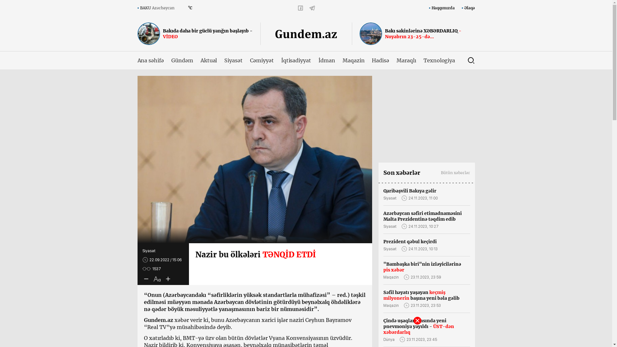 The width and height of the screenshot is (617, 347). I want to click on 'Texnologiya', so click(439, 60).